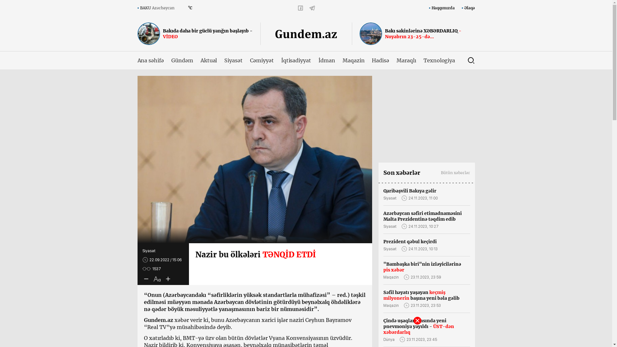 The width and height of the screenshot is (617, 347). I want to click on 'Texnologiya', so click(439, 60).